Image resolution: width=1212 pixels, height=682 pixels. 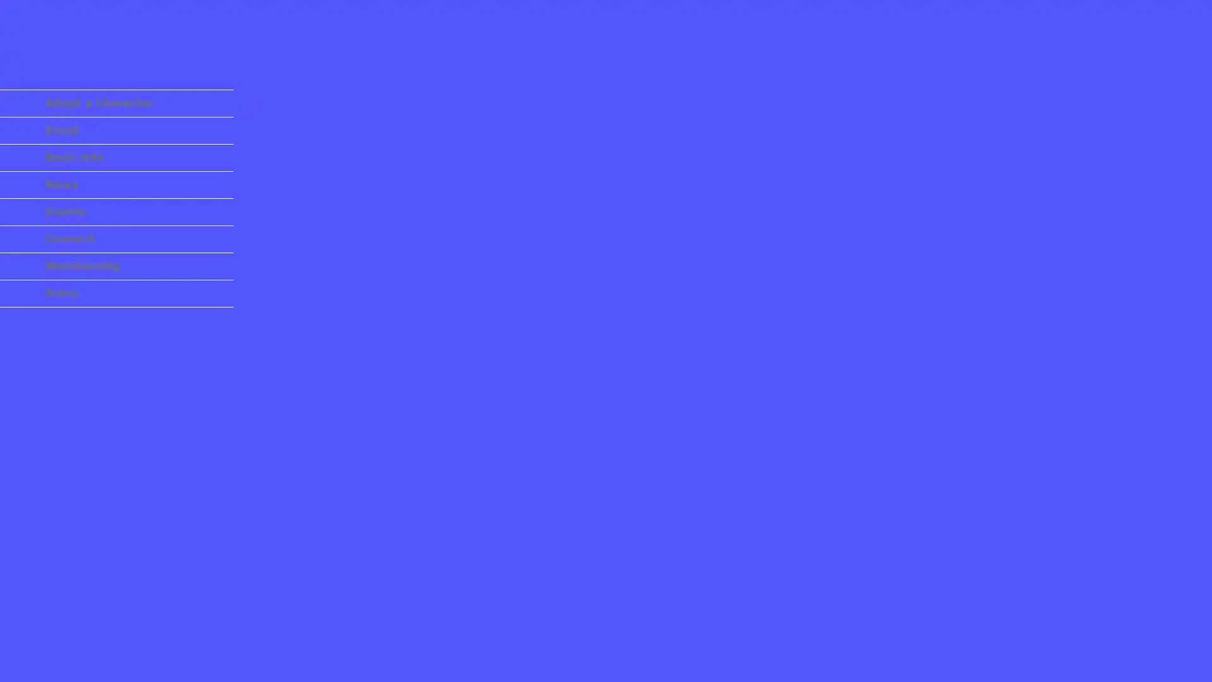 I want to click on U+1F495, so click(x=771, y=343).